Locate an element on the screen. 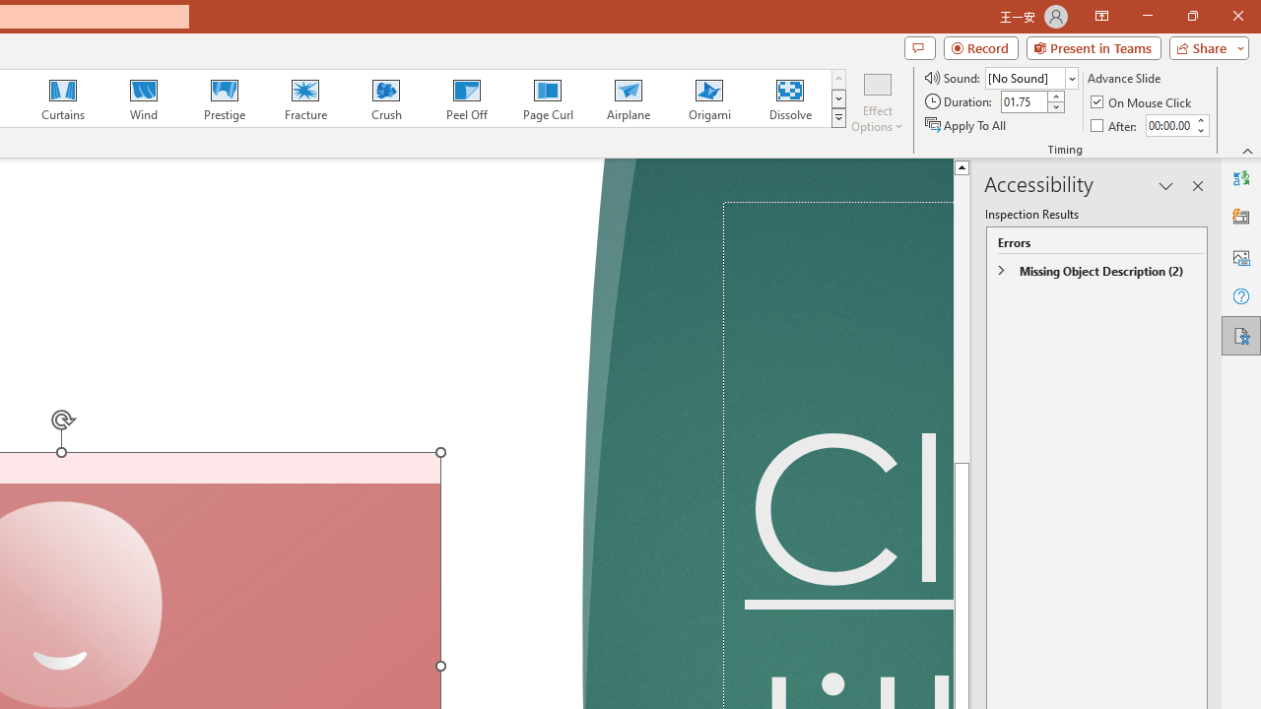 This screenshot has width=1261, height=709. 'After' is located at coordinates (1115, 125).